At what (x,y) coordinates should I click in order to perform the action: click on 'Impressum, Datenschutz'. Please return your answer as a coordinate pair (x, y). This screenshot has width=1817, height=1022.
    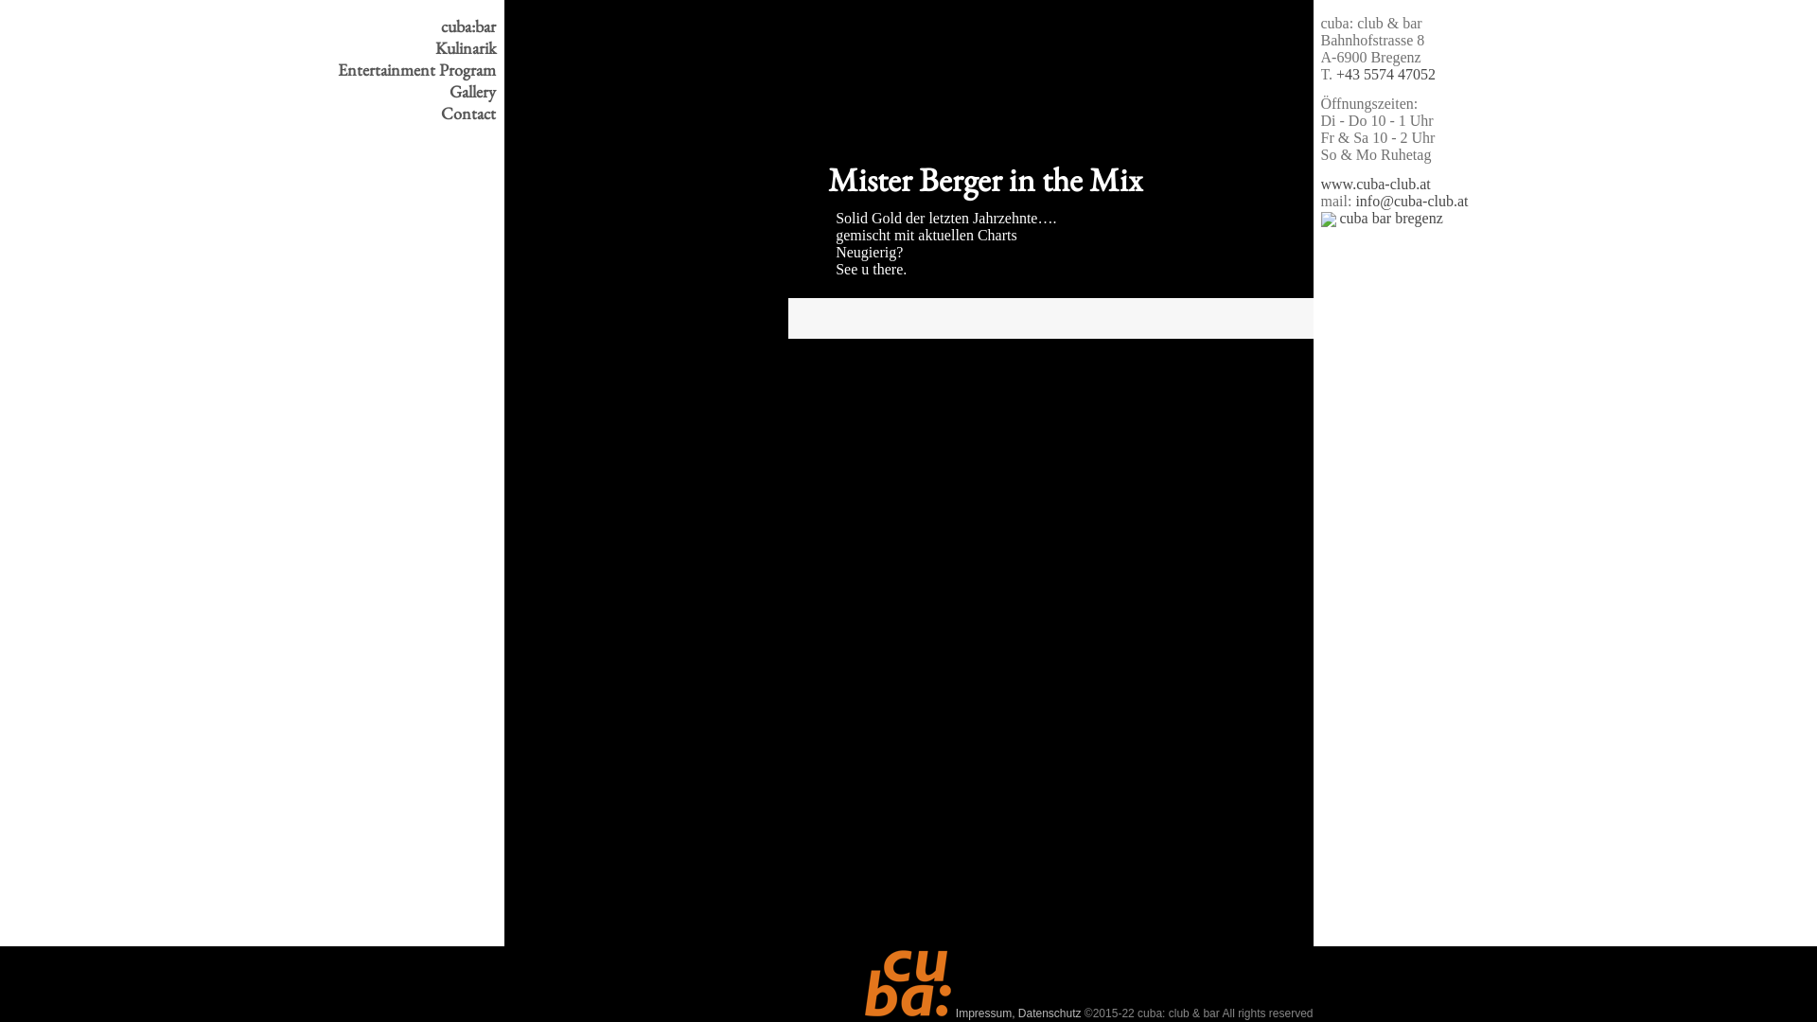
    Looking at the image, I should click on (1017, 1013).